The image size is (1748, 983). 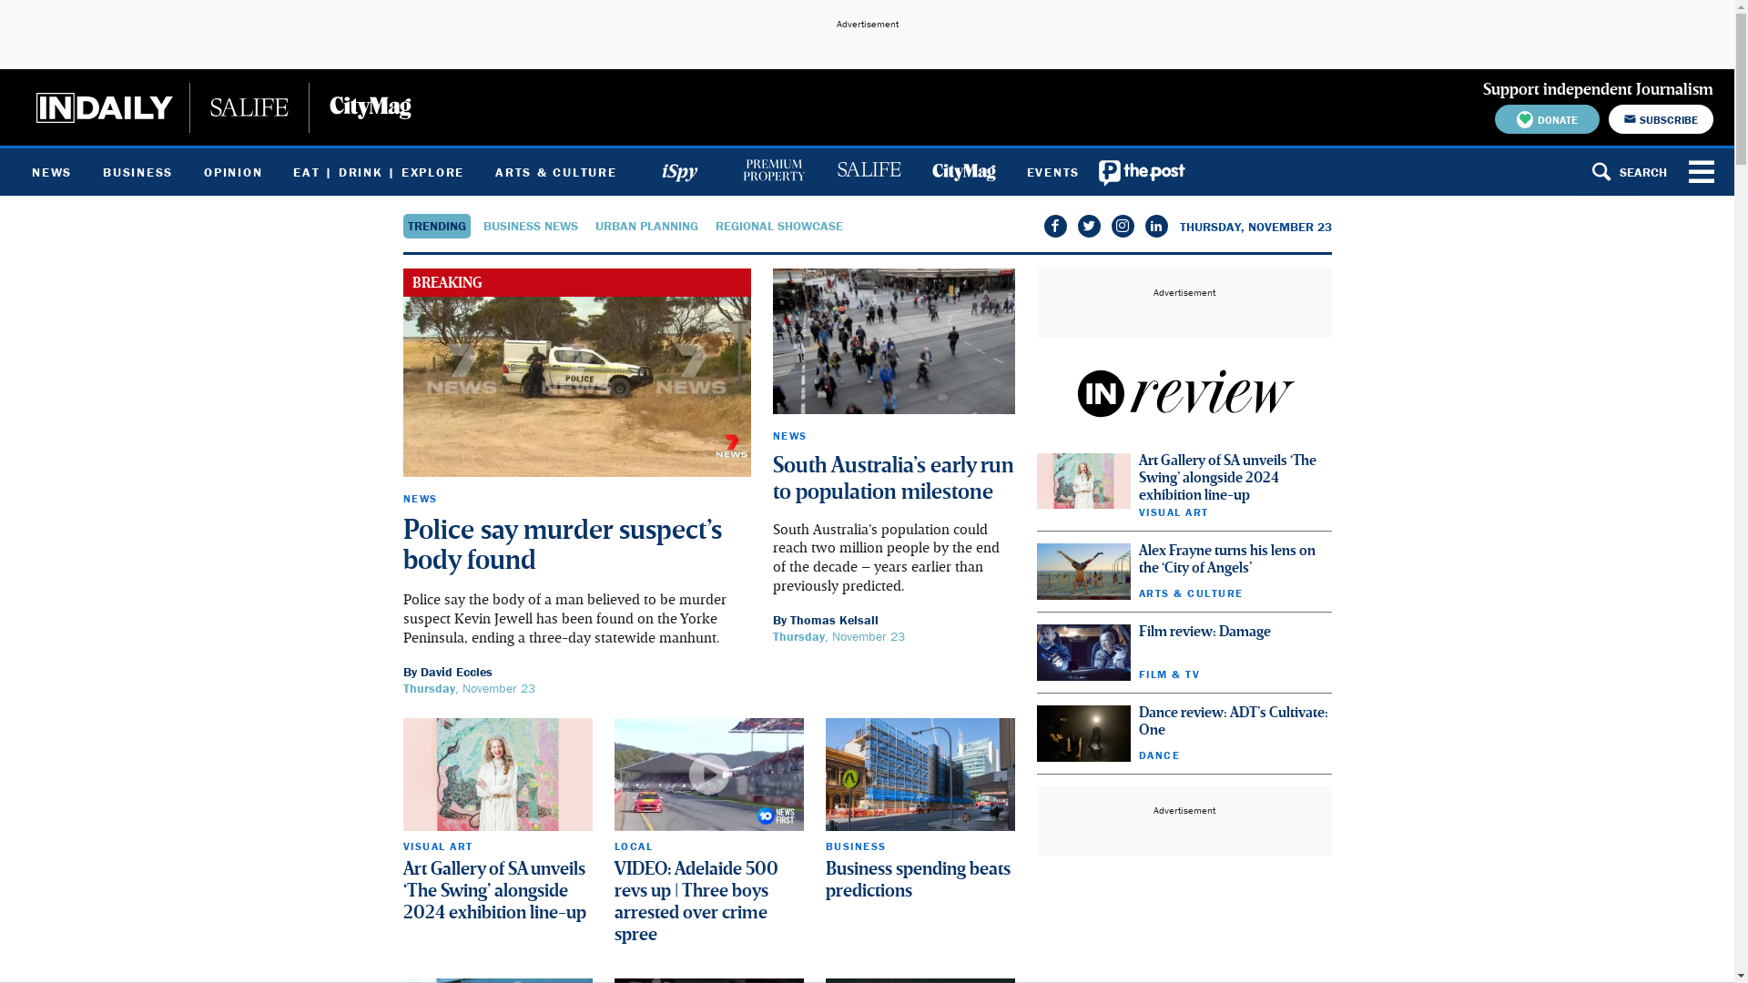 What do you see at coordinates (1094, 172) in the screenshot?
I see `'THE POST'` at bounding box center [1094, 172].